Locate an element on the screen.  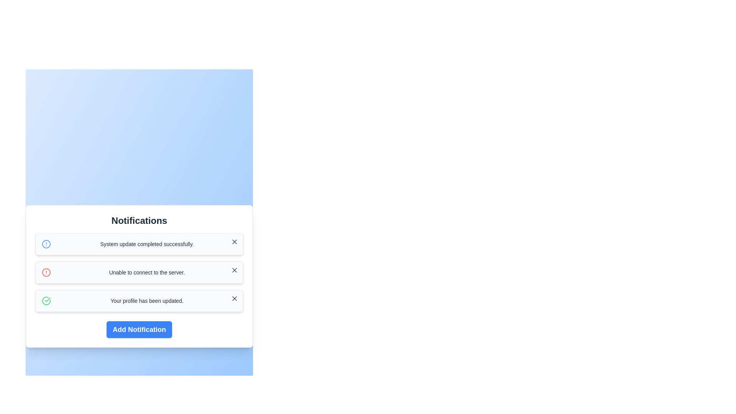
the 'Add Notification' button to add a new notification is located at coordinates (139, 329).